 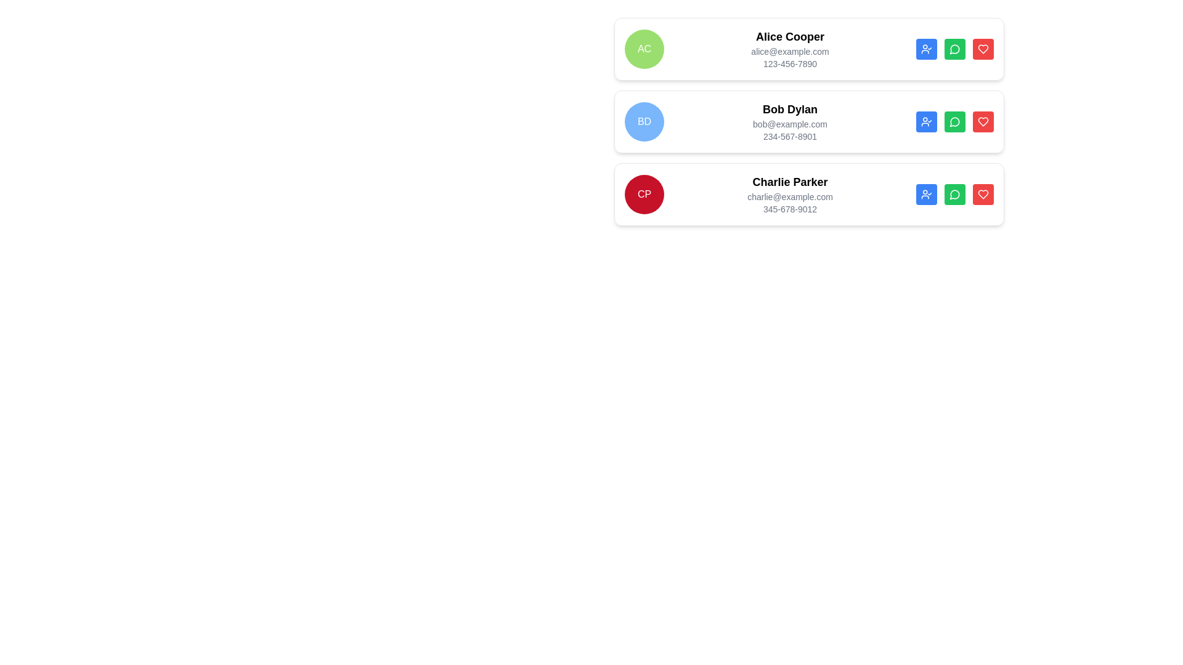 What do you see at coordinates (983, 121) in the screenshot?
I see `the 'favorite' button located at the far right of the button group for Bob Dylan's entry` at bounding box center [983, 121].